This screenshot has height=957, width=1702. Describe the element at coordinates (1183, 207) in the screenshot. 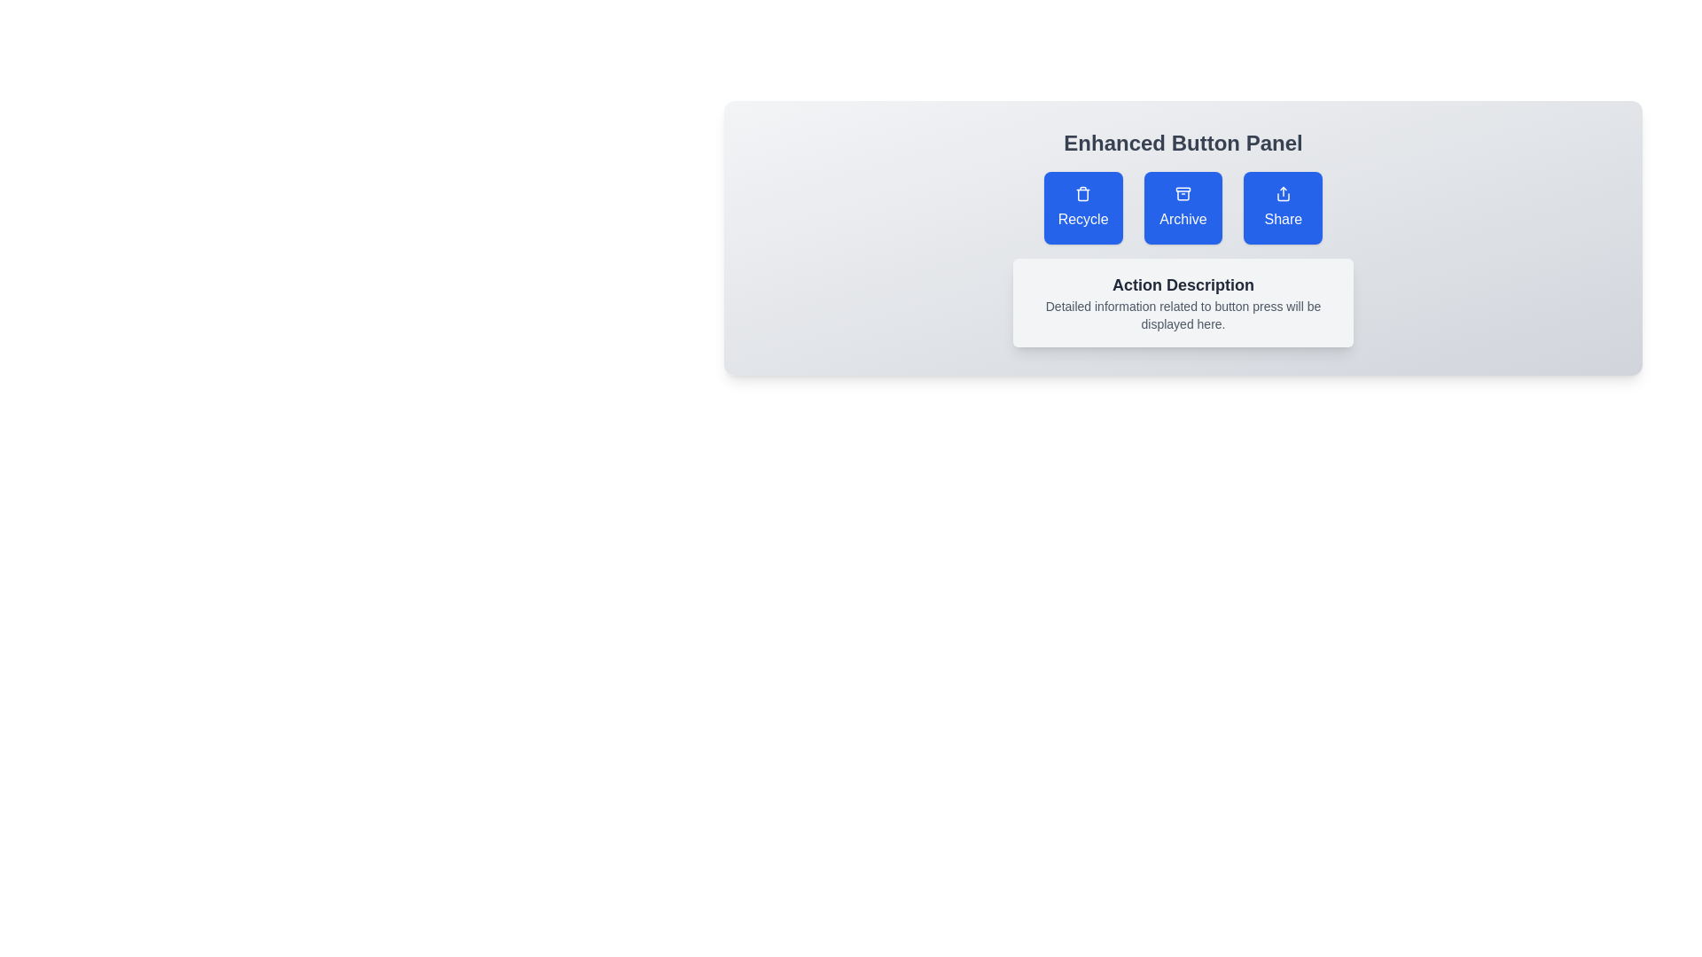

I see `the blue 'Archive' button with rounded corners` at that location.